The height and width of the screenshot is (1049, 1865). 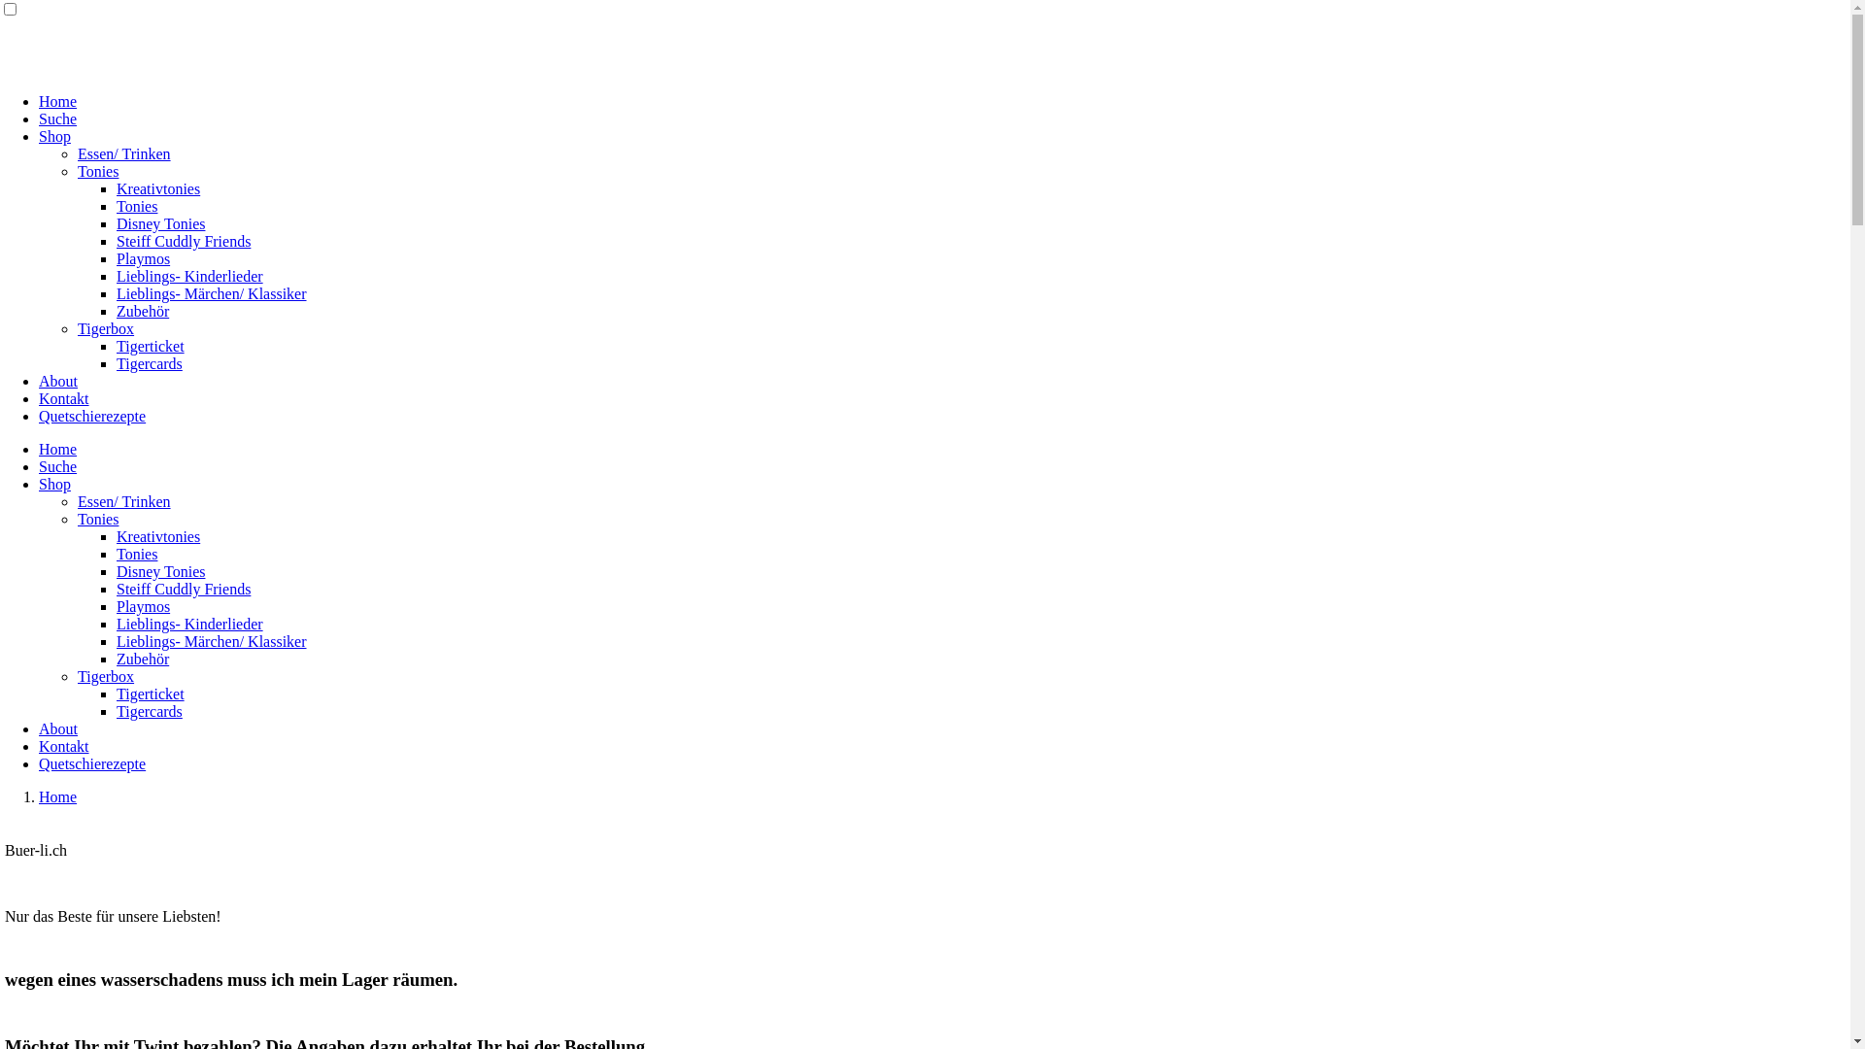 I want to click on 'Lieblings- Kinderlieder', so click(x=189, y=624).